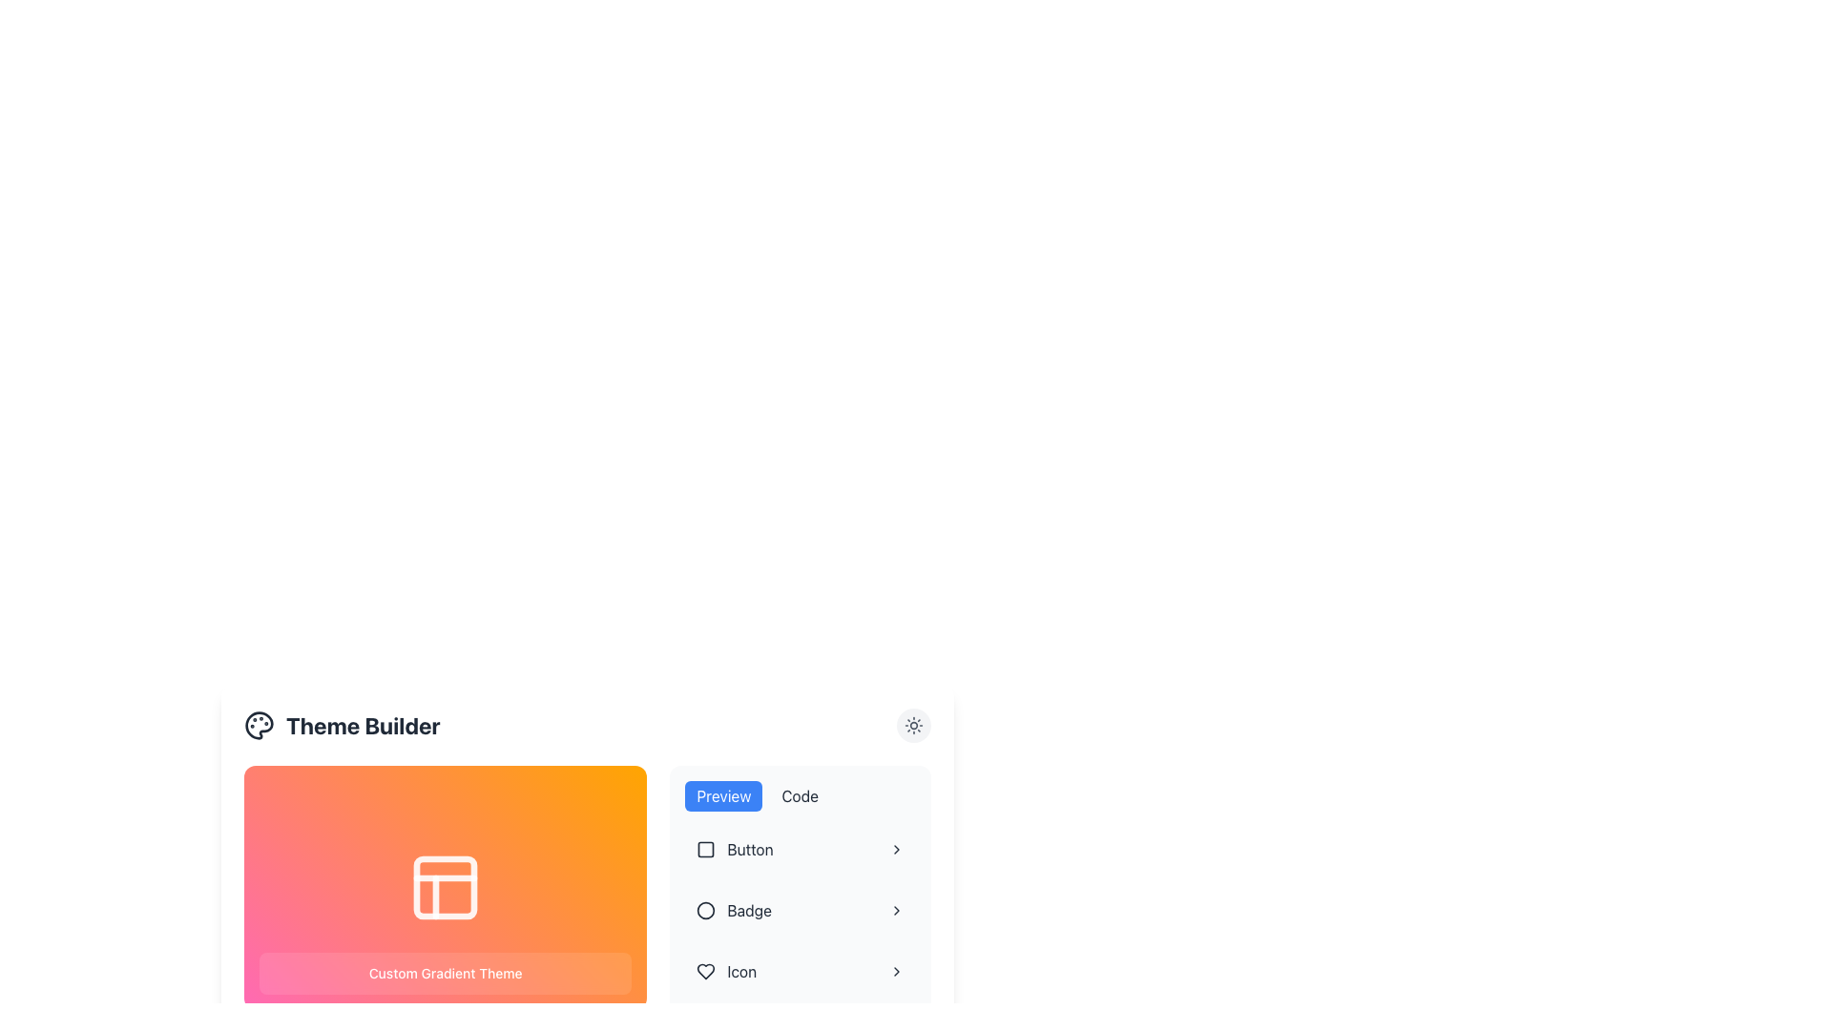 The height and width of the screenshot is (1030, 1832). I want to click on the first icon element, which is likely used for likes or favorites, so click(705, 971).